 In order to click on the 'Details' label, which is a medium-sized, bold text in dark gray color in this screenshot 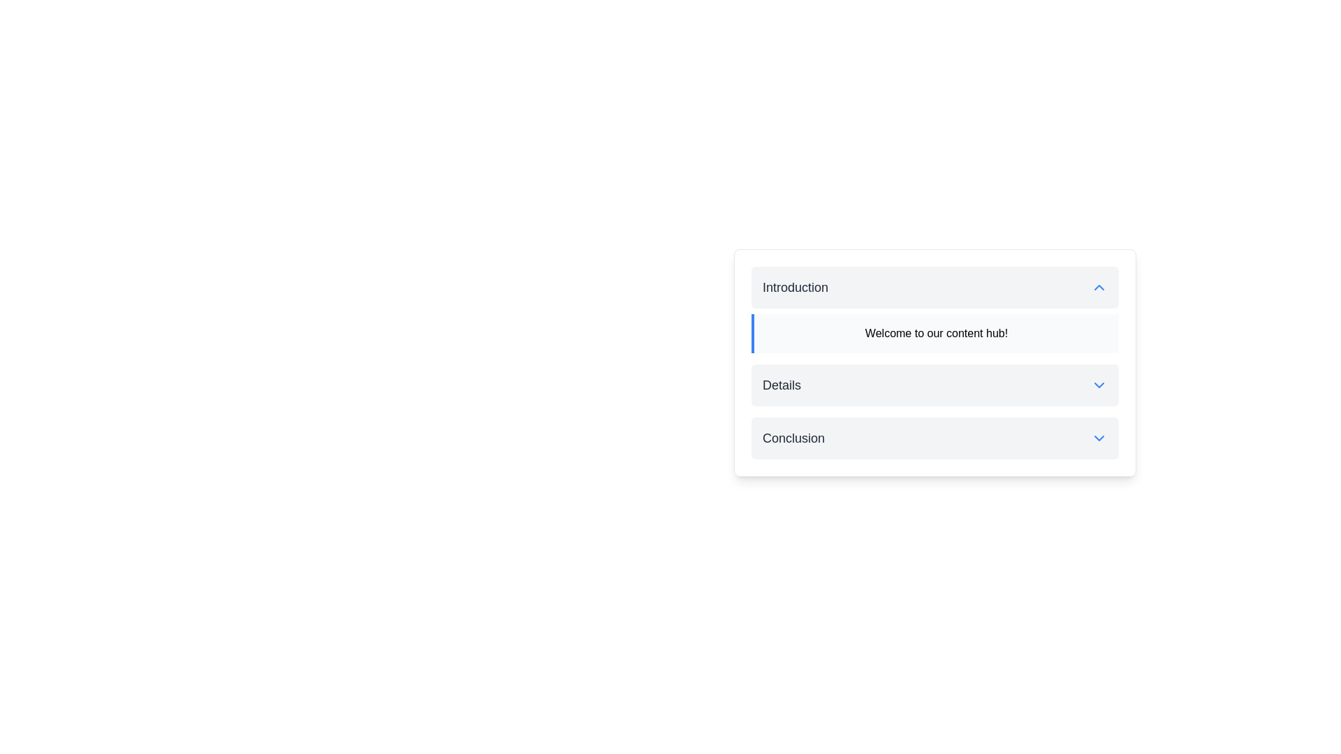, I will do `click(781, 385)`.